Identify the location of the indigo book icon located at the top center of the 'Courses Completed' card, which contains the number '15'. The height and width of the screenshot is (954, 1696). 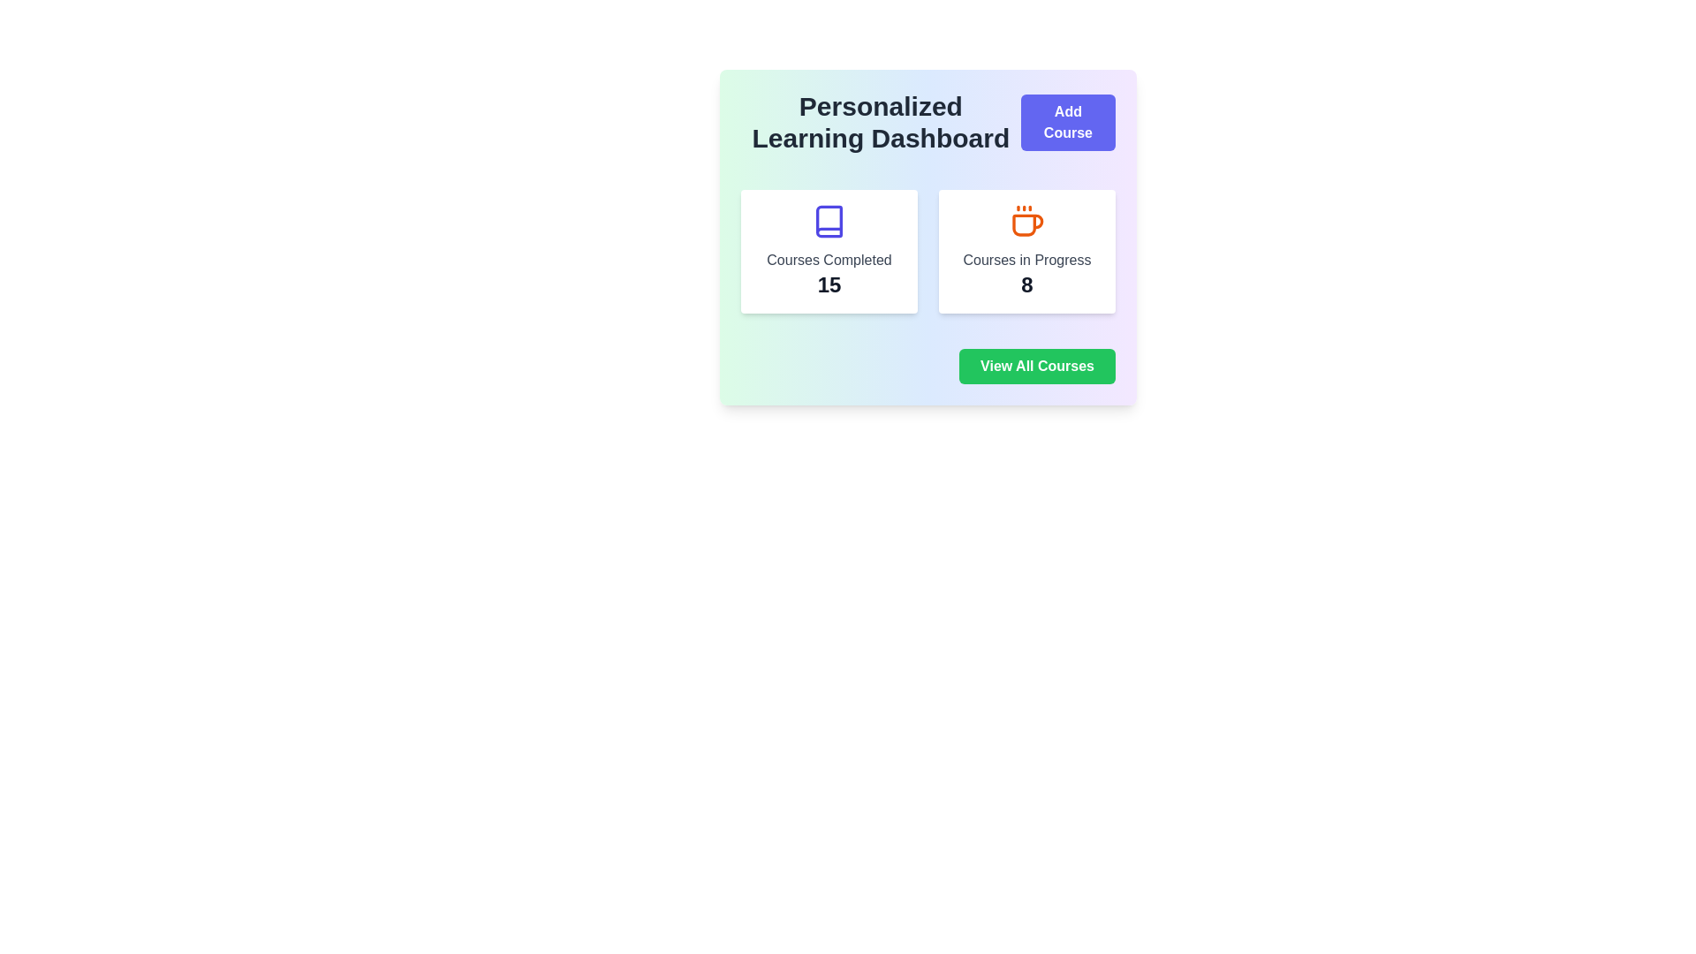
(829, 220).